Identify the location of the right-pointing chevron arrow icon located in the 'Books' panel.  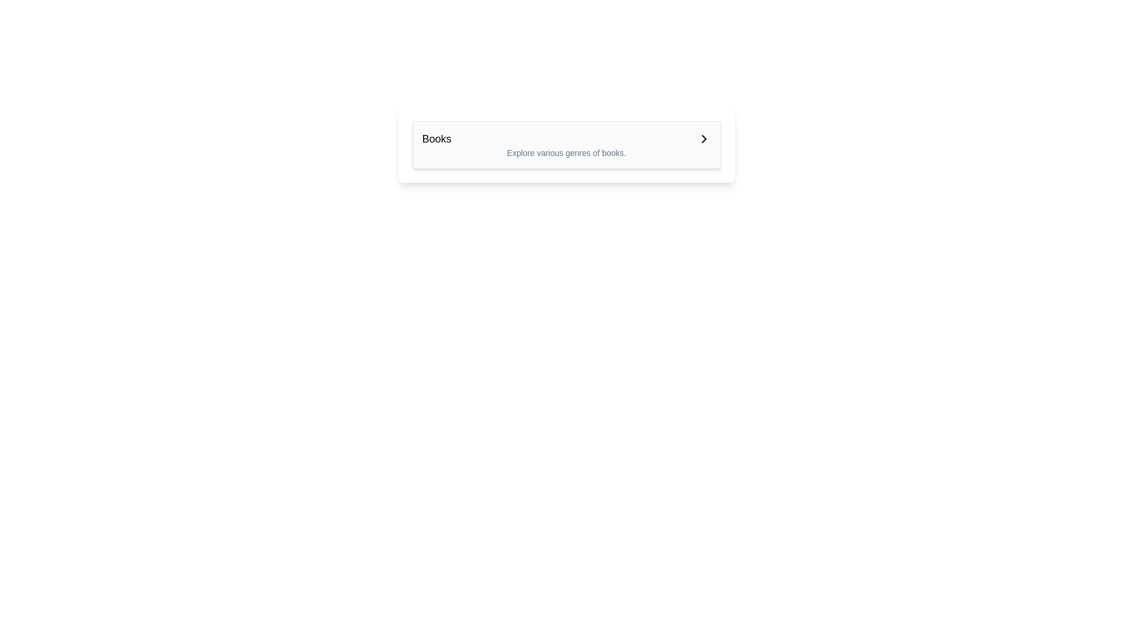
(703, 138).